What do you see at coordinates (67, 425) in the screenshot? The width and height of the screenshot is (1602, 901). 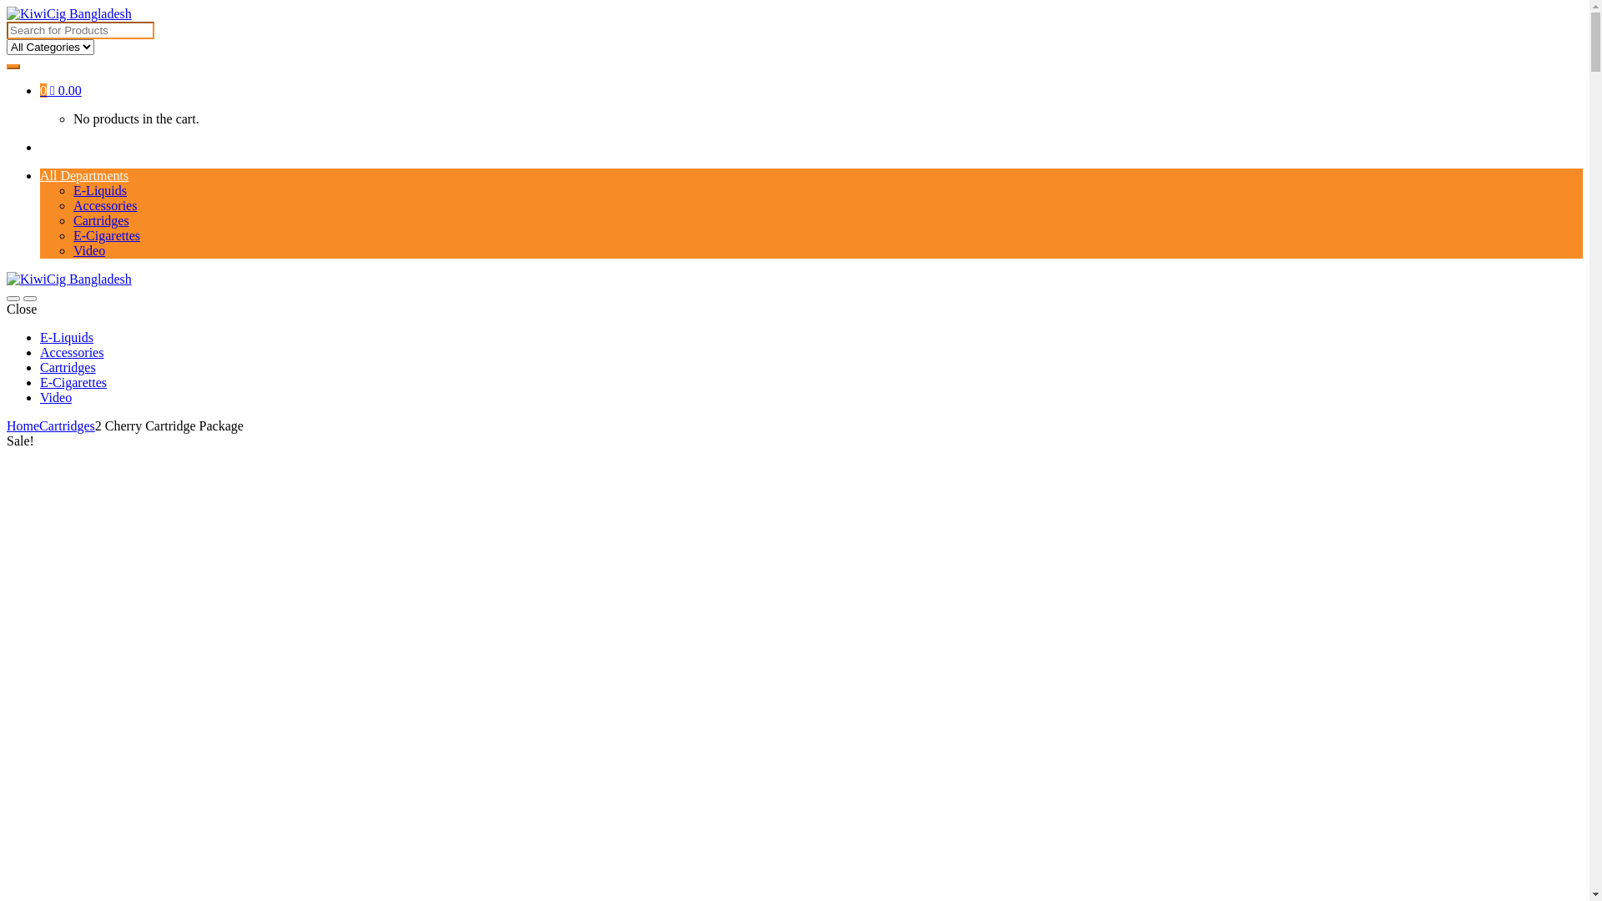 I see `'Cartridges'` at bounding box center [67, 425].